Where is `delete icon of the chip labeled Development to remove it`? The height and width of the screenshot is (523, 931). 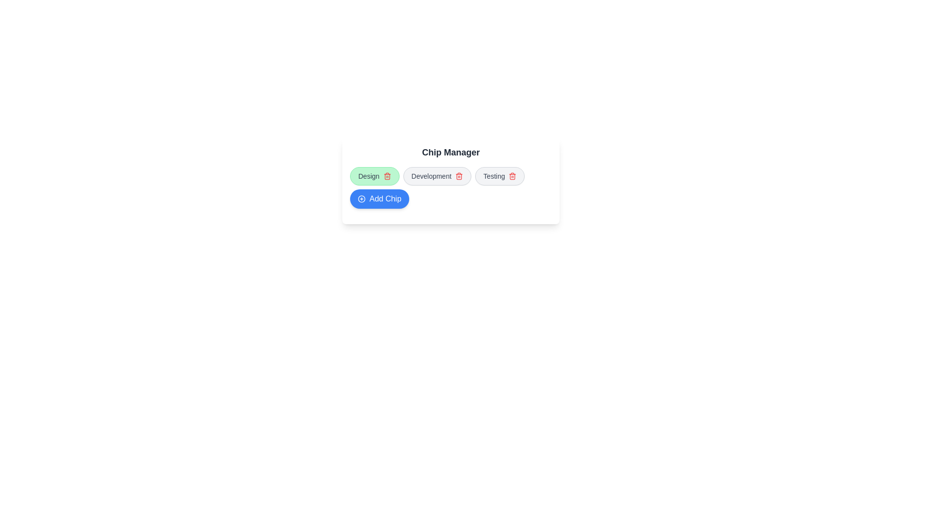
delete icon of the chip labeled Development to remove it is located at coordinates (459, 176).